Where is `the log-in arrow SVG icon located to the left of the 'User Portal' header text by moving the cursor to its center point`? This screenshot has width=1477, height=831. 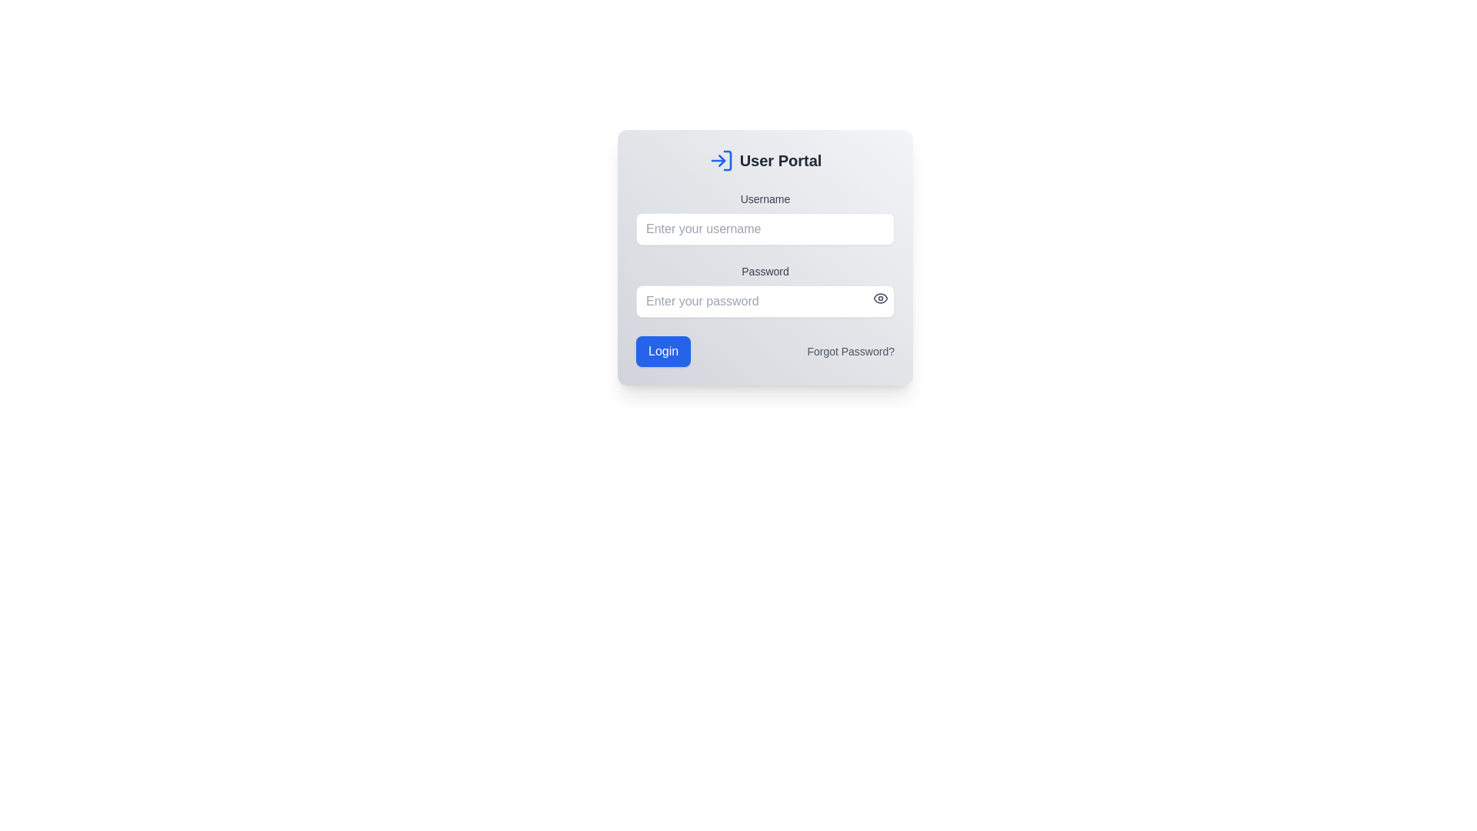
the log-in arrow SVG icon located to the left of the 'User Portal' header text by moving the cursor to its center point is located at coordinates (720, 160).